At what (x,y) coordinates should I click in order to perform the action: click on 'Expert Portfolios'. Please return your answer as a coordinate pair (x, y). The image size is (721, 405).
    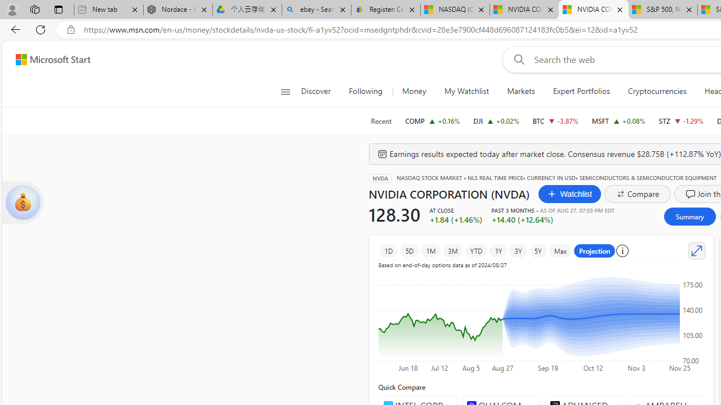
    Looking at the image, I should click on (581, 91).